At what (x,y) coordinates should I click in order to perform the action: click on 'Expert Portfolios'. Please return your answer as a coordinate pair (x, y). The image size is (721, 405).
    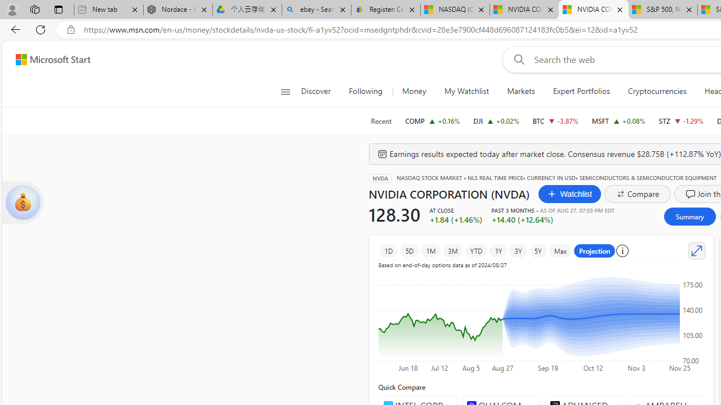
    Looking at the image, I should click on (581, 91).